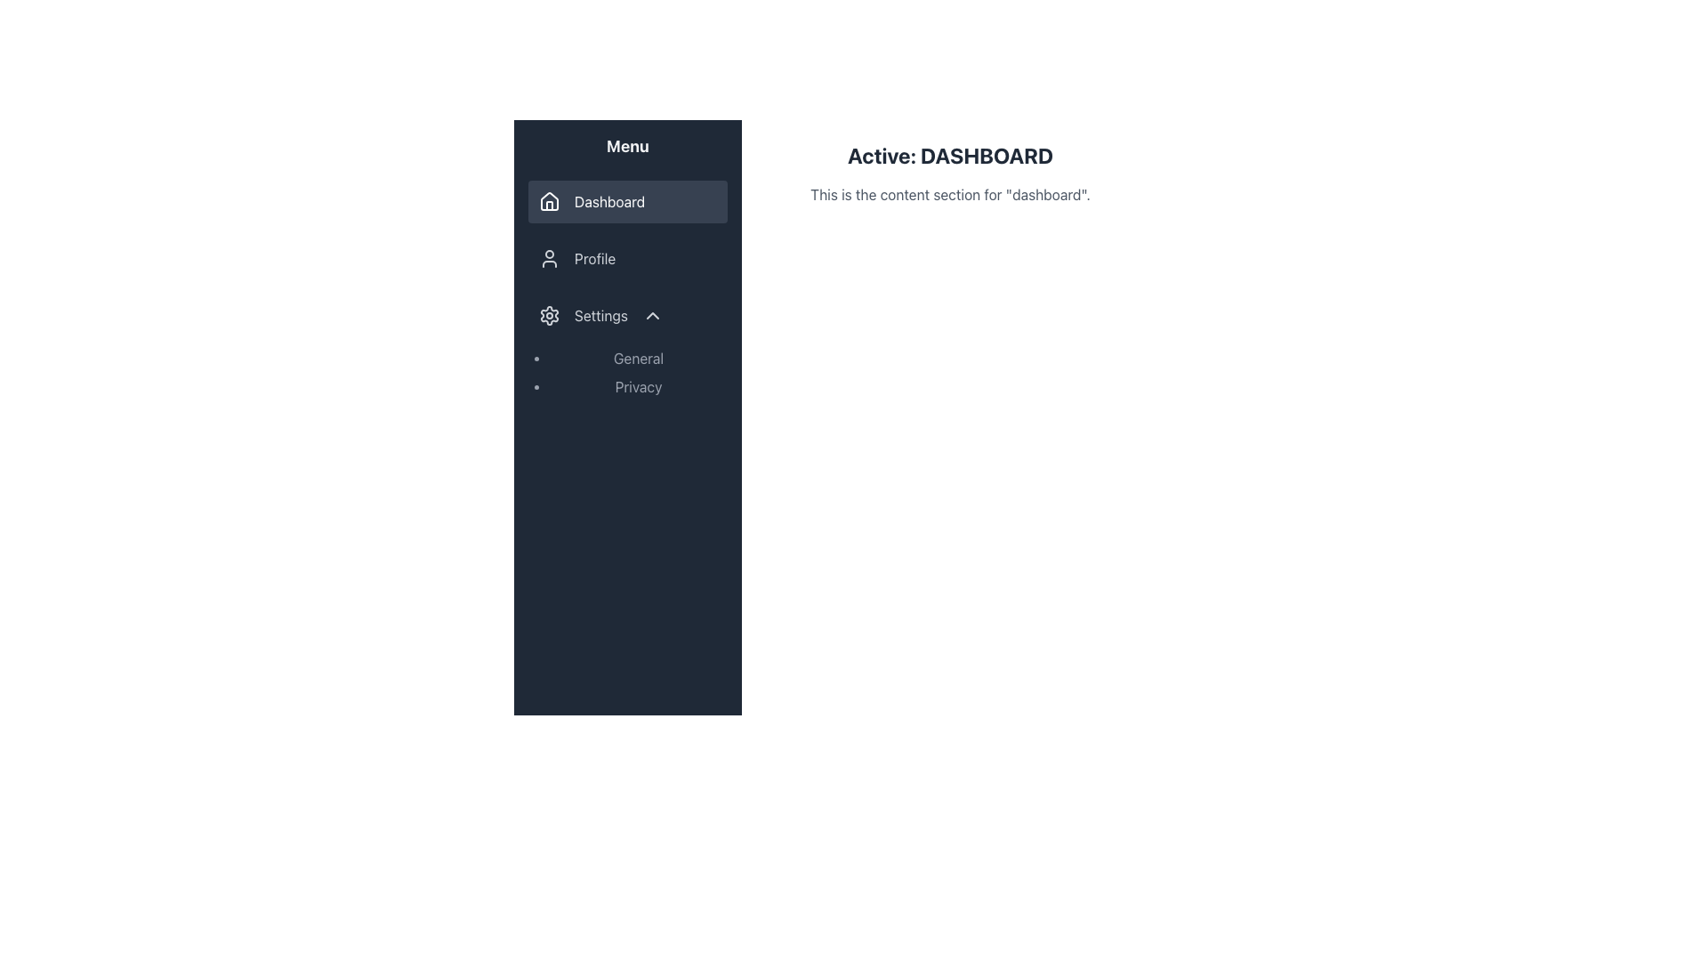 The width and height of the screenshot is (1708, 961). What do you see at coordinates (609, 201) in the screenshot?
I see `the 'Dashboard' text label in the navigation menu` at bounding box center [609, 201].